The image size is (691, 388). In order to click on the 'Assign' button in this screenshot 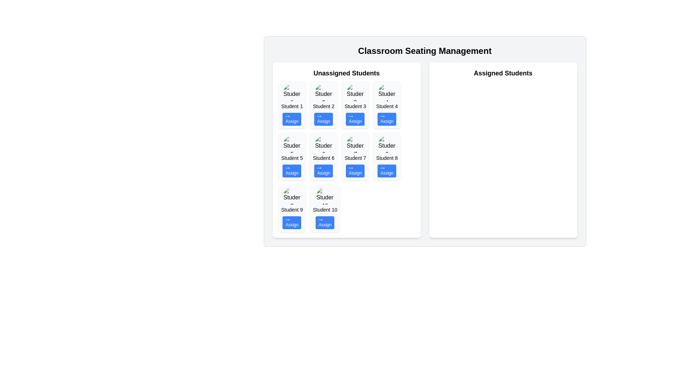, I will do `click(292, 171)`.